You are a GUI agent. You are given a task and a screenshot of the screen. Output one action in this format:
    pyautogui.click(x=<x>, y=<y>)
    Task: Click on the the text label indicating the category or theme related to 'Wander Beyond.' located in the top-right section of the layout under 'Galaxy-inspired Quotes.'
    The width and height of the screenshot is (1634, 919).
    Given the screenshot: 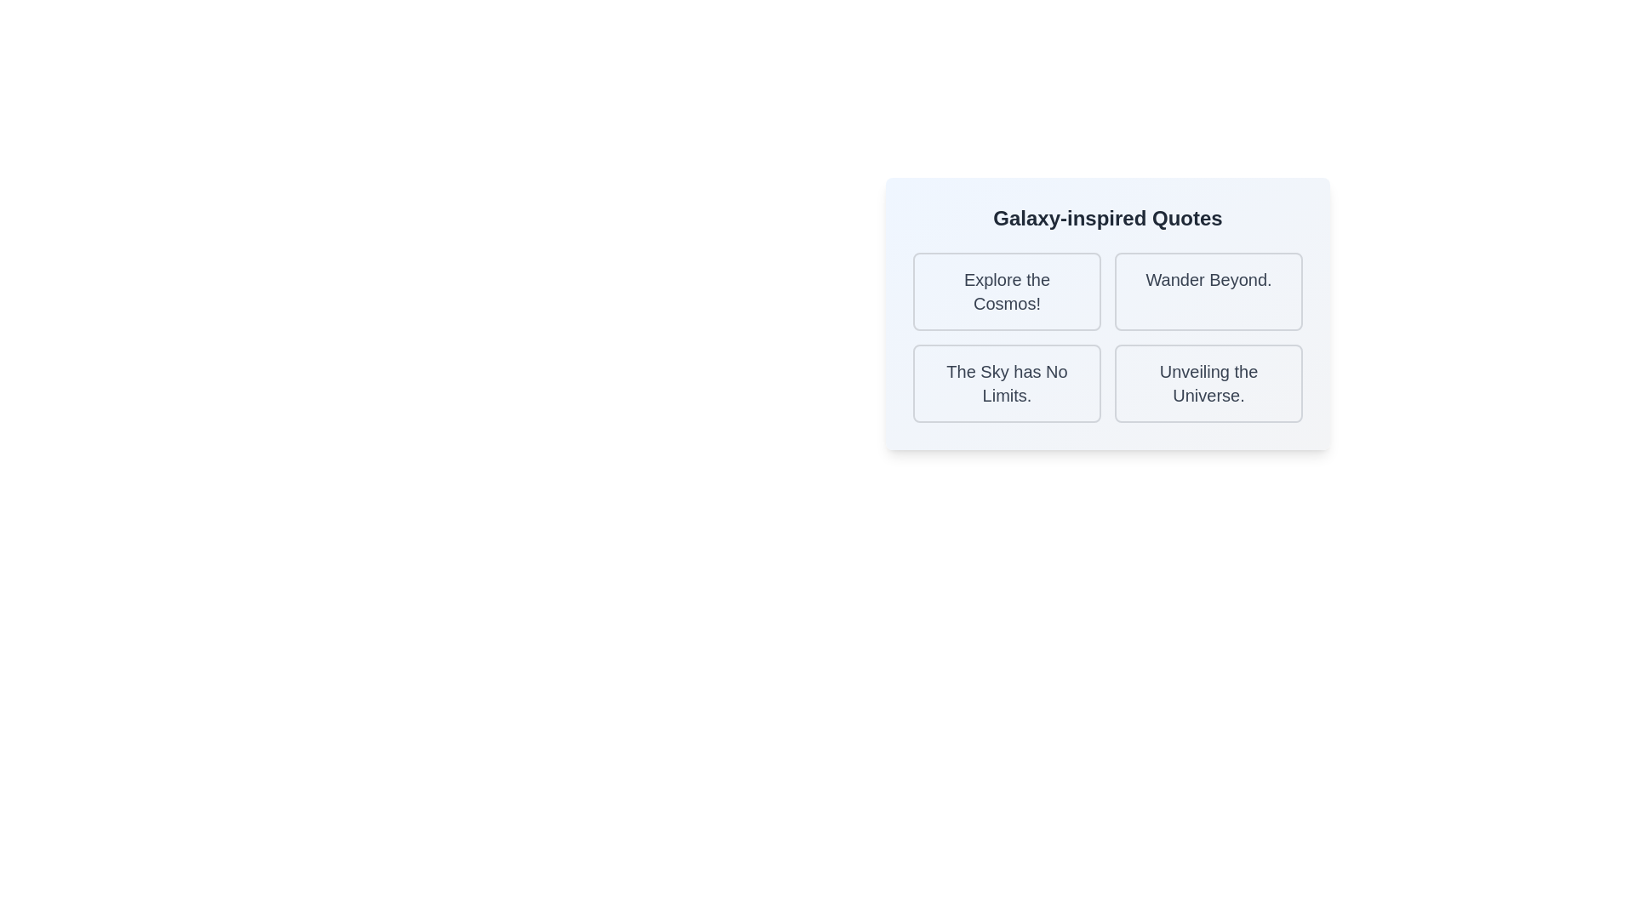 What is the action you would take?
    pyautogui.click(x=1208, y=278)
    